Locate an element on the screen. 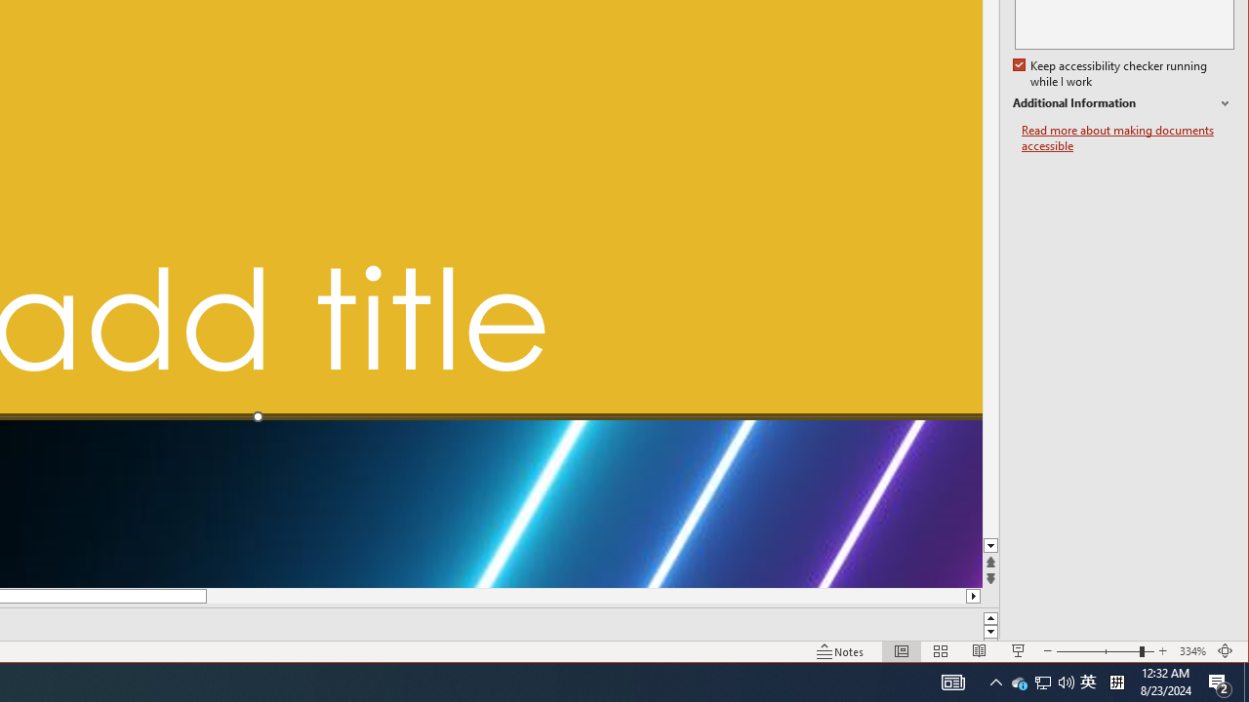 This screenshot has width=1249, height=702. 'Read more about making documents accessible' is located at coordinates (1127, 137).